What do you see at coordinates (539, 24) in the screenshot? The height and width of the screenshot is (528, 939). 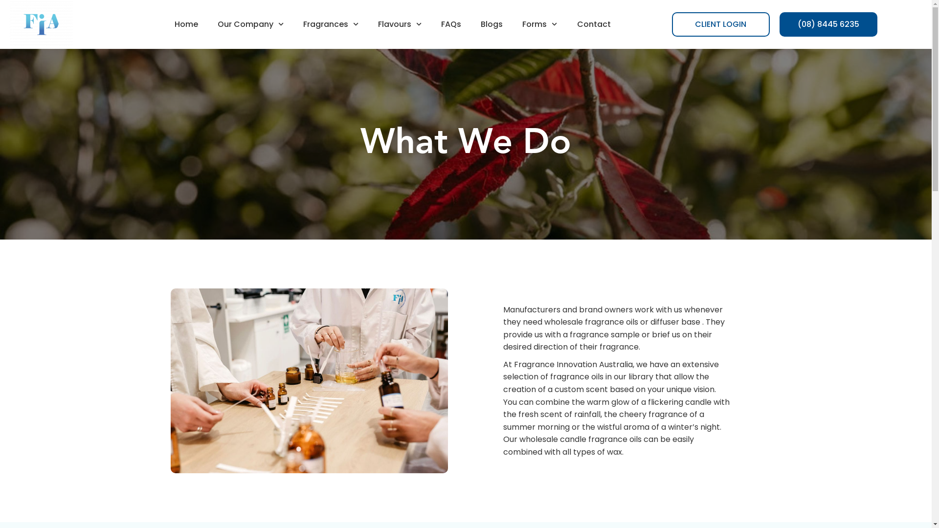 I see `'Forms'` at bounding box center [539, 24].